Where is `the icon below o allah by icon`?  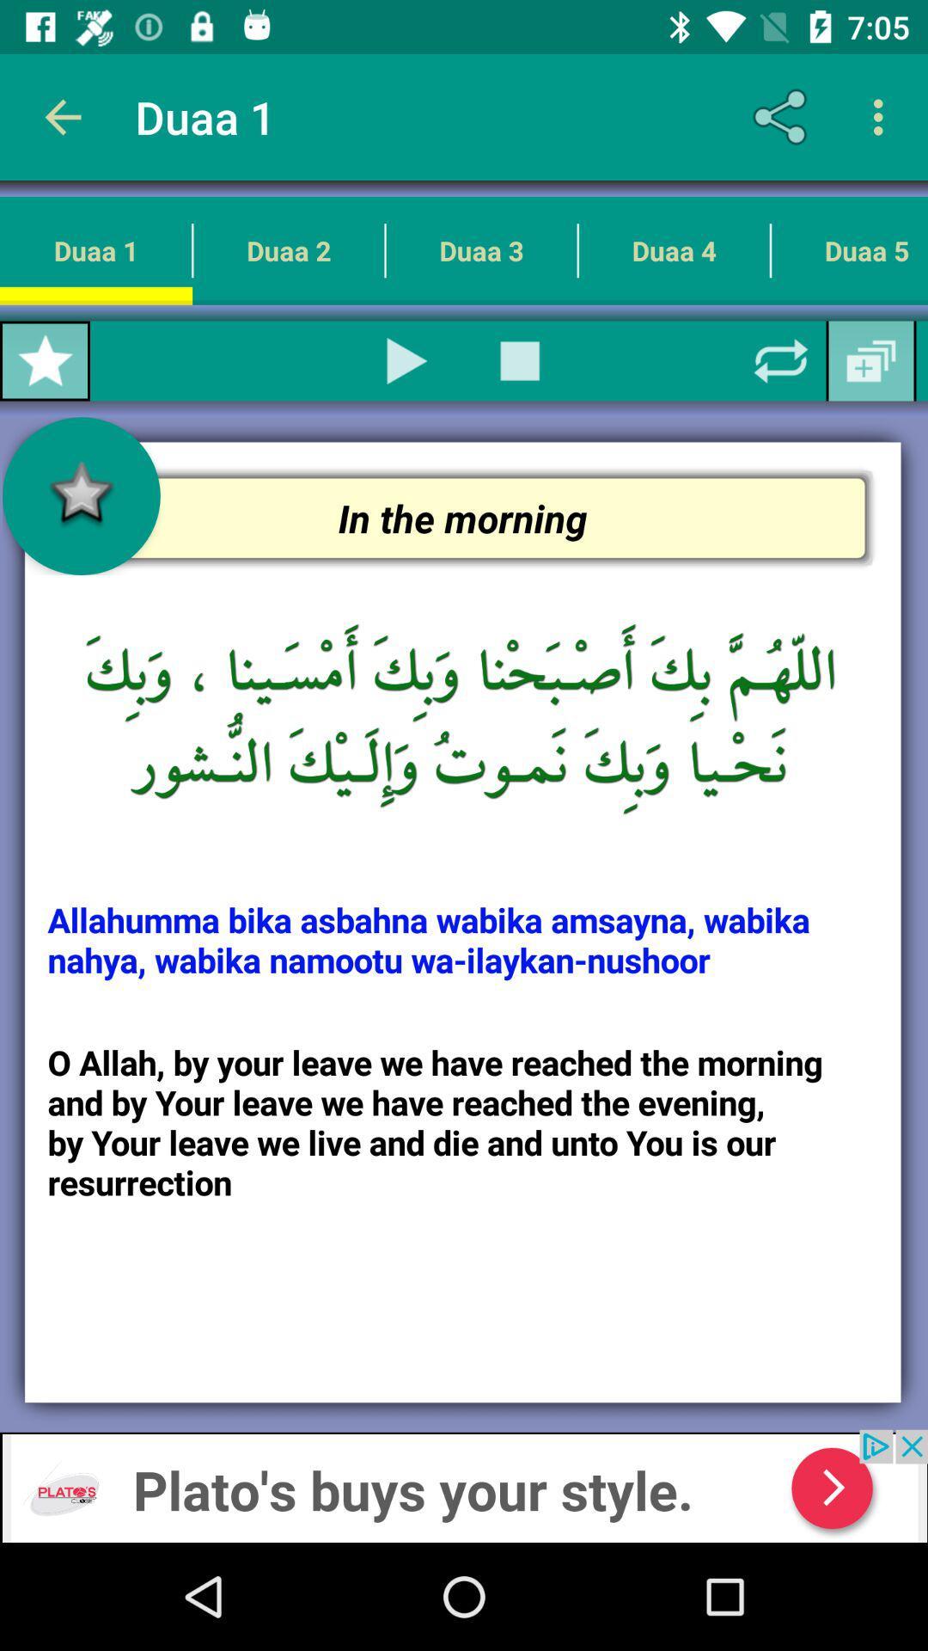
the icon below o allah by icon is located at coordinates (464, 1485).